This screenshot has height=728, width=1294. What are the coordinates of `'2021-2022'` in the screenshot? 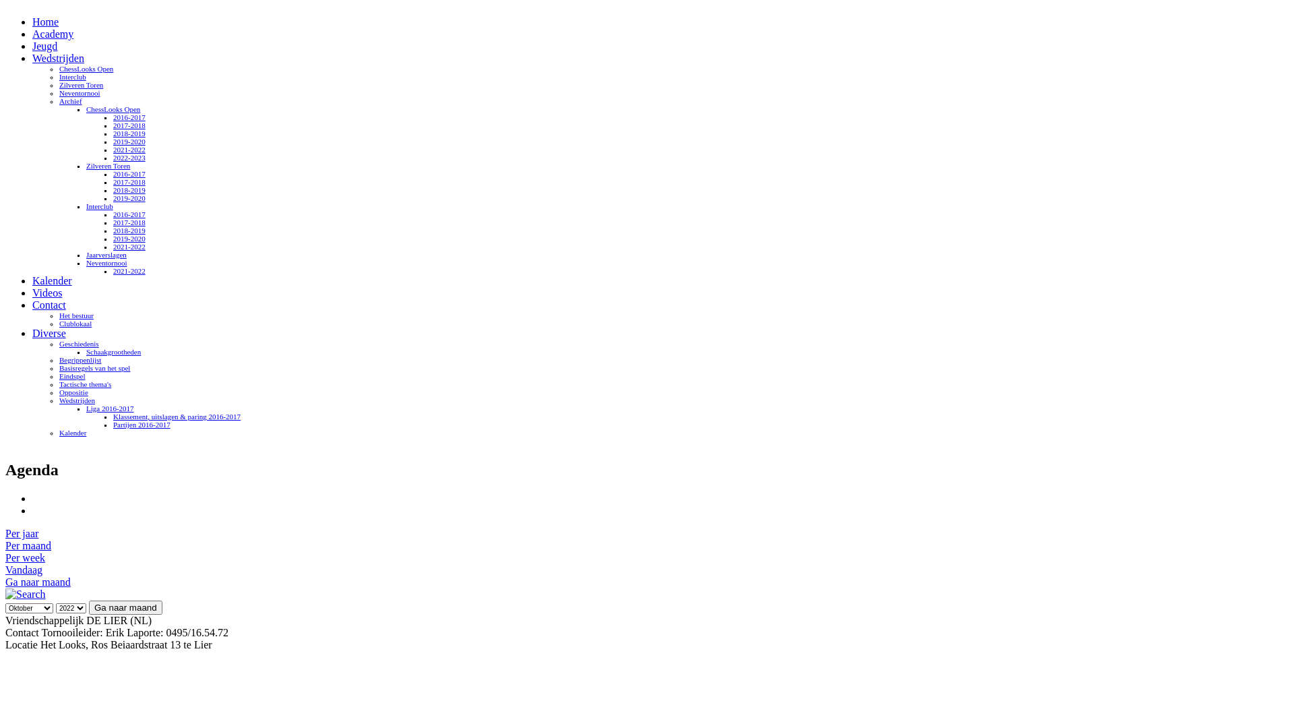 It's located at (129, 150).